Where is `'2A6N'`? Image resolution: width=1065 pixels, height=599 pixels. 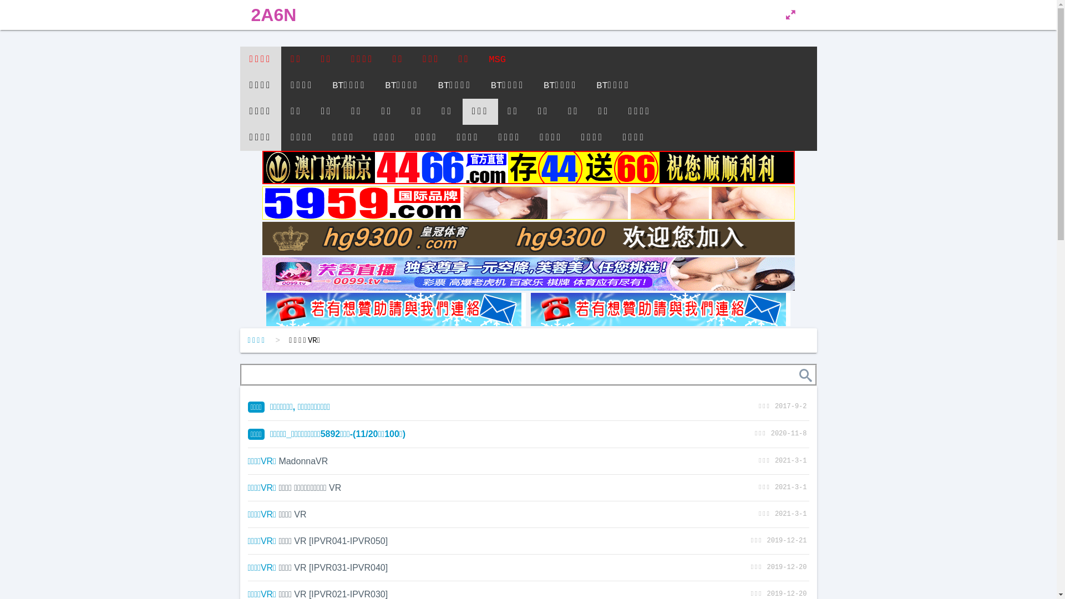 '2A6N' is located at coordinates (273, 15).